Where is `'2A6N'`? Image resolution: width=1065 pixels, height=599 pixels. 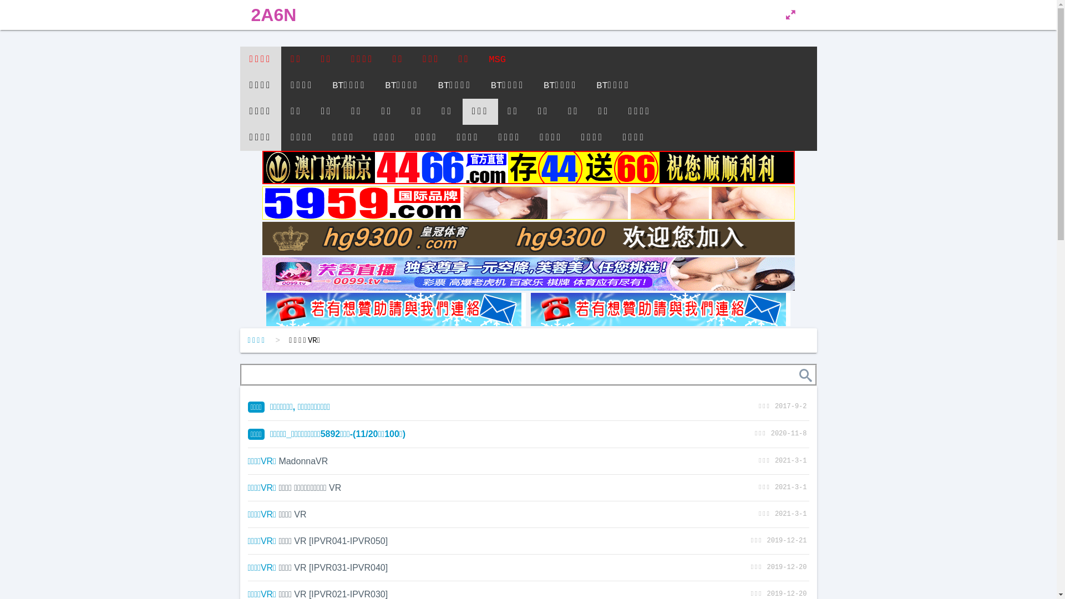 '2A6N' is located at coordinates (273, 15).